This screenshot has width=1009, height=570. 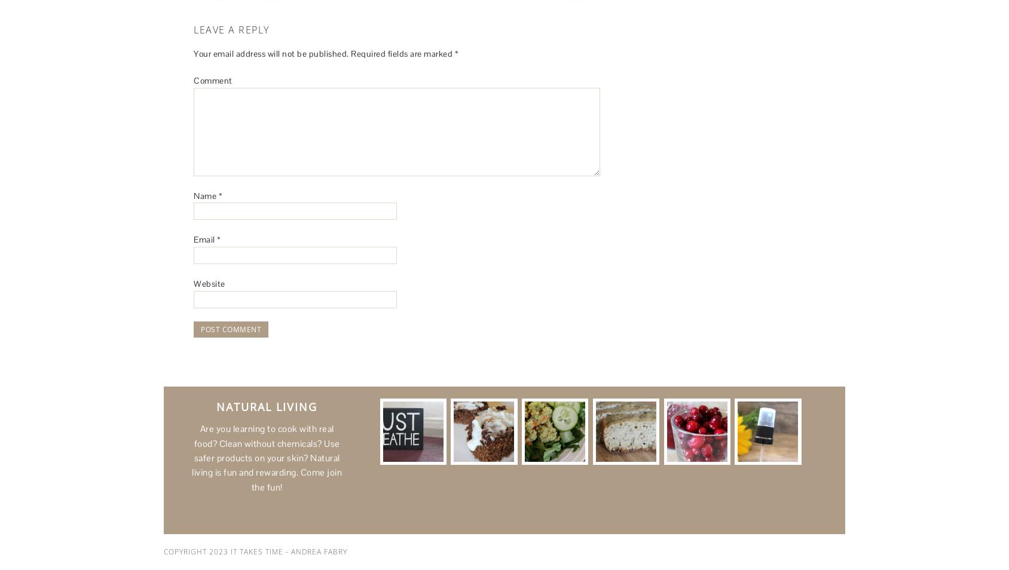 What do you see at coordinates (193, 29) in the screenshot?
I see `'Leave a Reply'` at bounding box center [193, 29].